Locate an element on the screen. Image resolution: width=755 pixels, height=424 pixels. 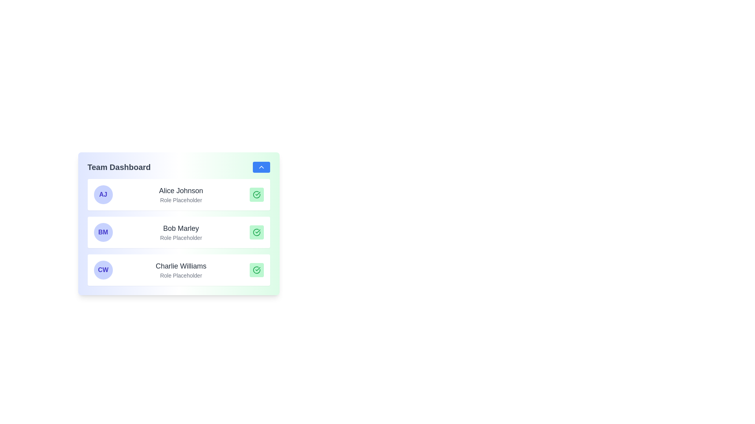
Text Label displaying 'Role Placeholder' that is centrally located below 'Alice Johnson' in the first list item of the 'Team Dashboard' component is located at coordinates (180, 199).